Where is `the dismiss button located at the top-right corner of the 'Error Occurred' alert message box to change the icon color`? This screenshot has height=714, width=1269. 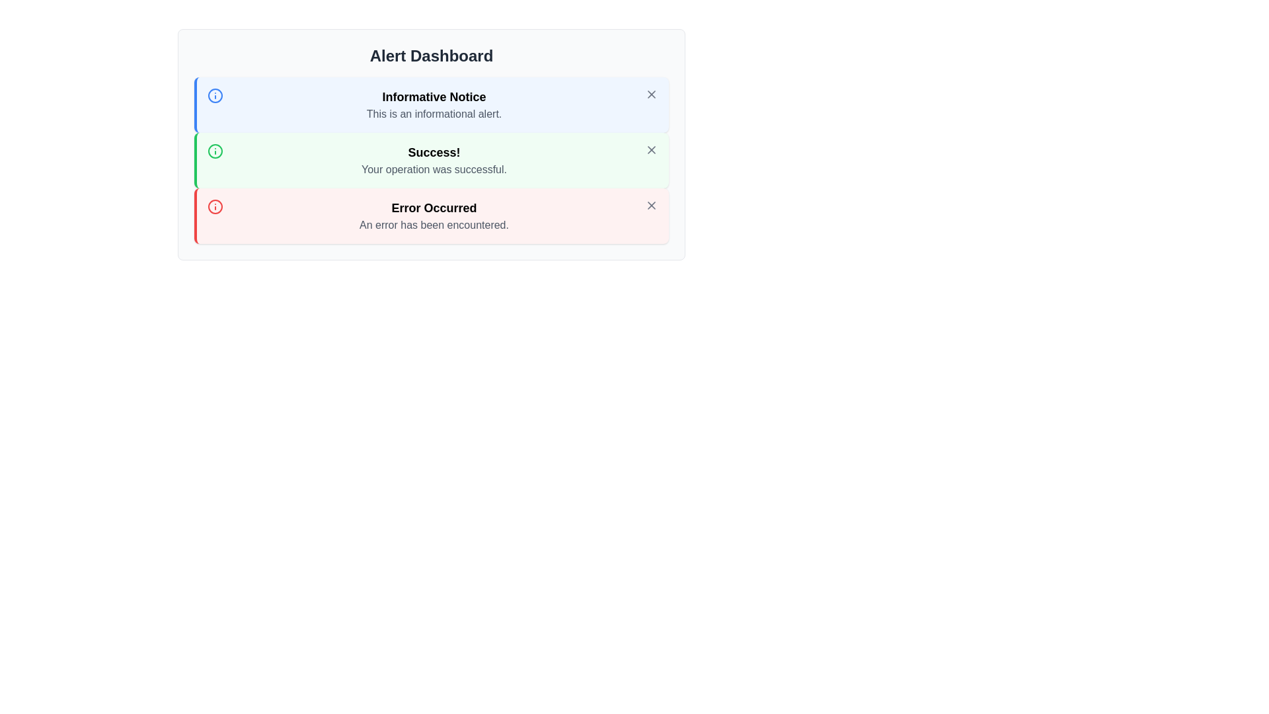 the dismiss button located at the top-right corner of the 'Error Occurred' alert message box to change the icon color is located at coordinates (651, 206).